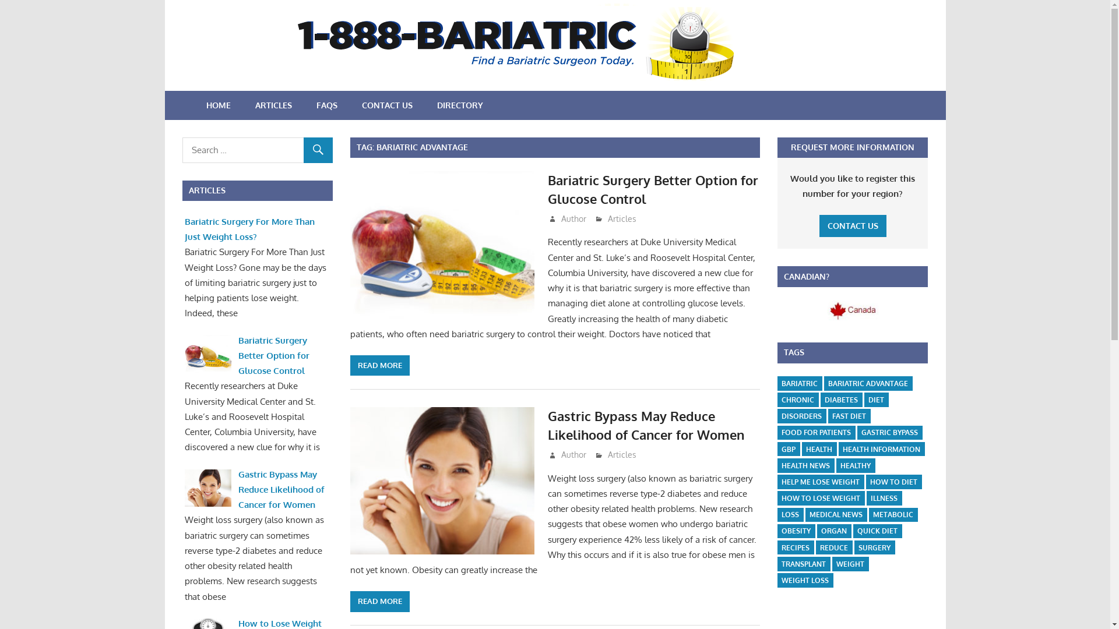 The image size is (1119, 629). Describe the element at coordinates (272, 105) in the screenshot. I see `'ARTICLES'` at that location.